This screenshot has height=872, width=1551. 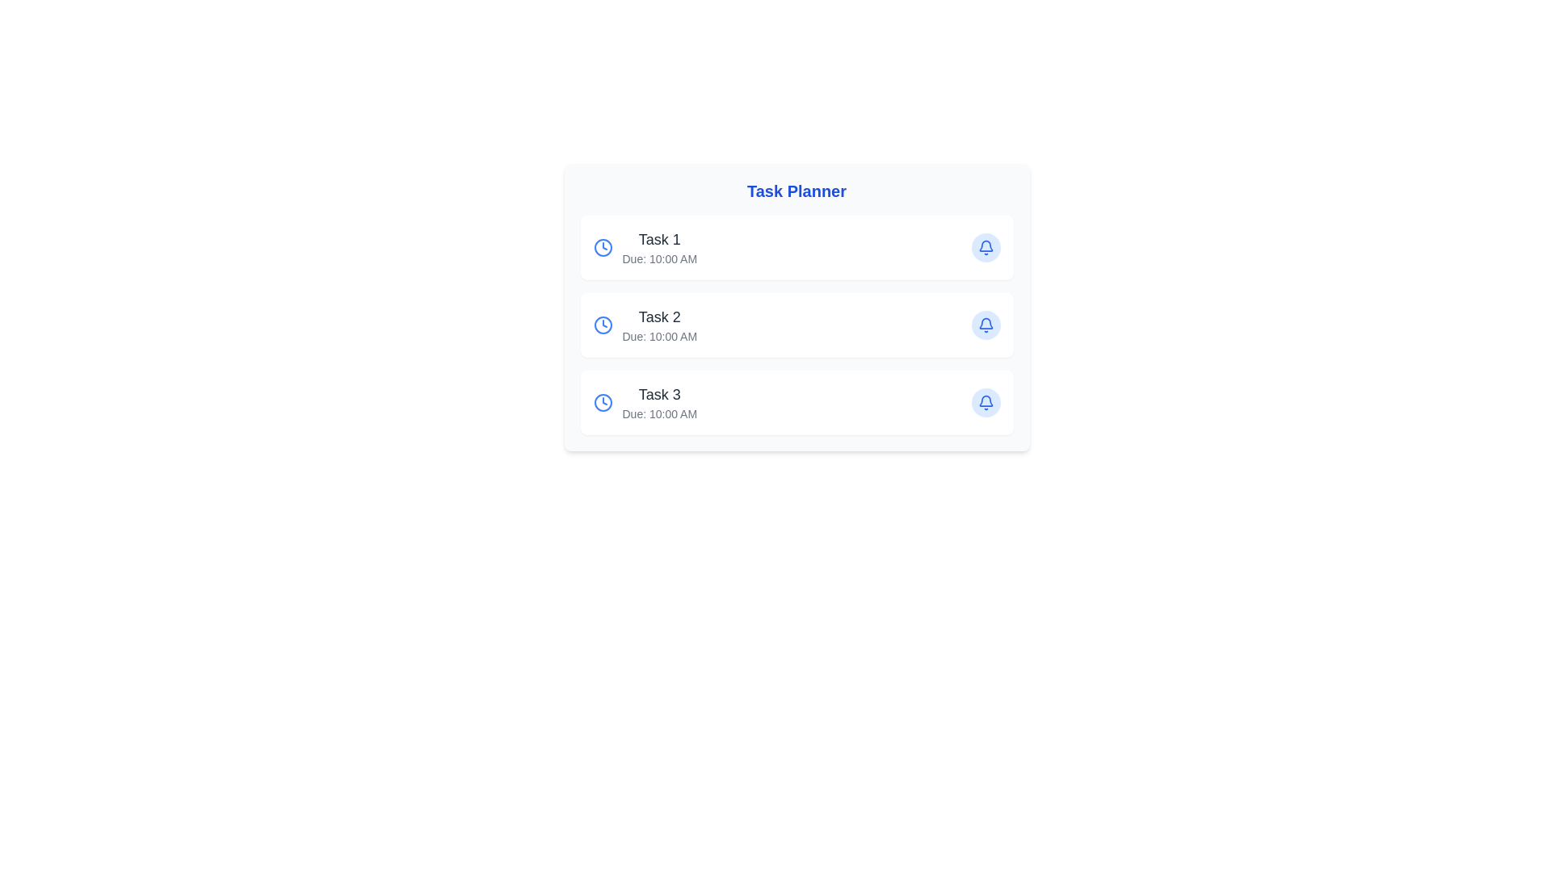 I want to click on due time displayed in the text label showing 'Due: 10:00 AM', located below 'Task 1' in the first task card of the 'Task Planner', so click(x=659, y=258).